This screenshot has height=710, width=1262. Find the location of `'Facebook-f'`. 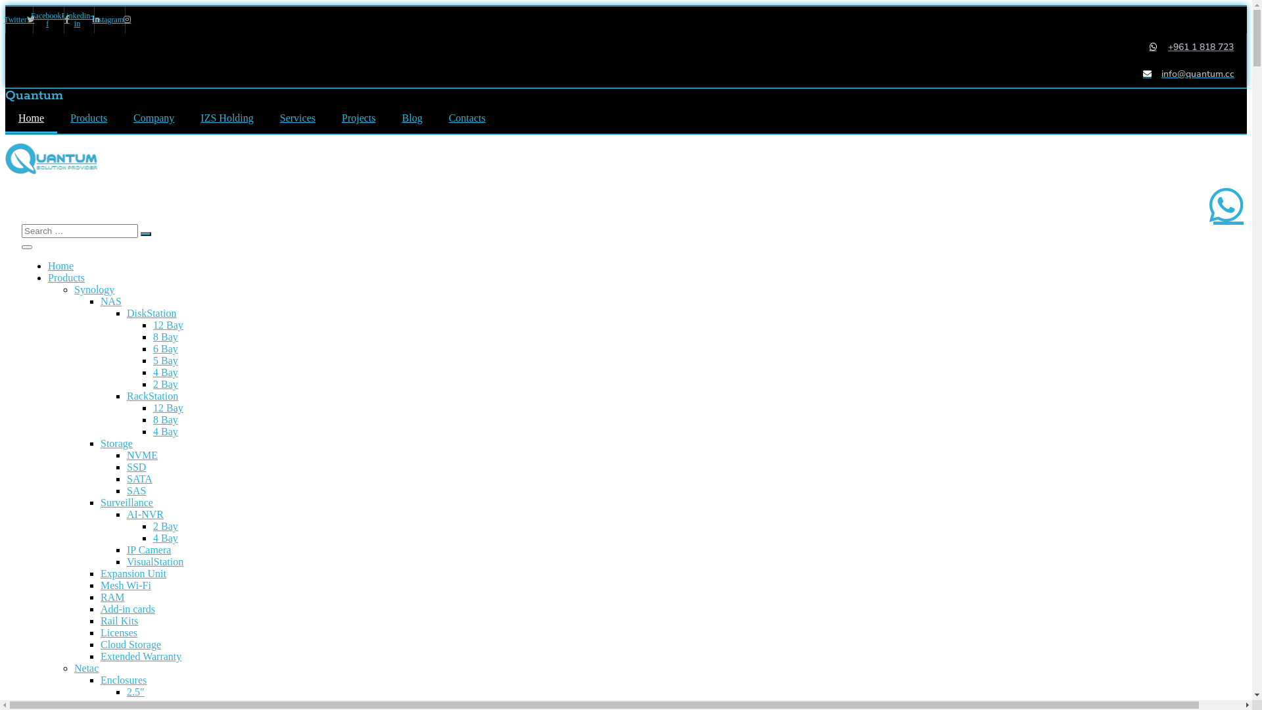

'Facebook-f' is located at coordinates (50, 20).